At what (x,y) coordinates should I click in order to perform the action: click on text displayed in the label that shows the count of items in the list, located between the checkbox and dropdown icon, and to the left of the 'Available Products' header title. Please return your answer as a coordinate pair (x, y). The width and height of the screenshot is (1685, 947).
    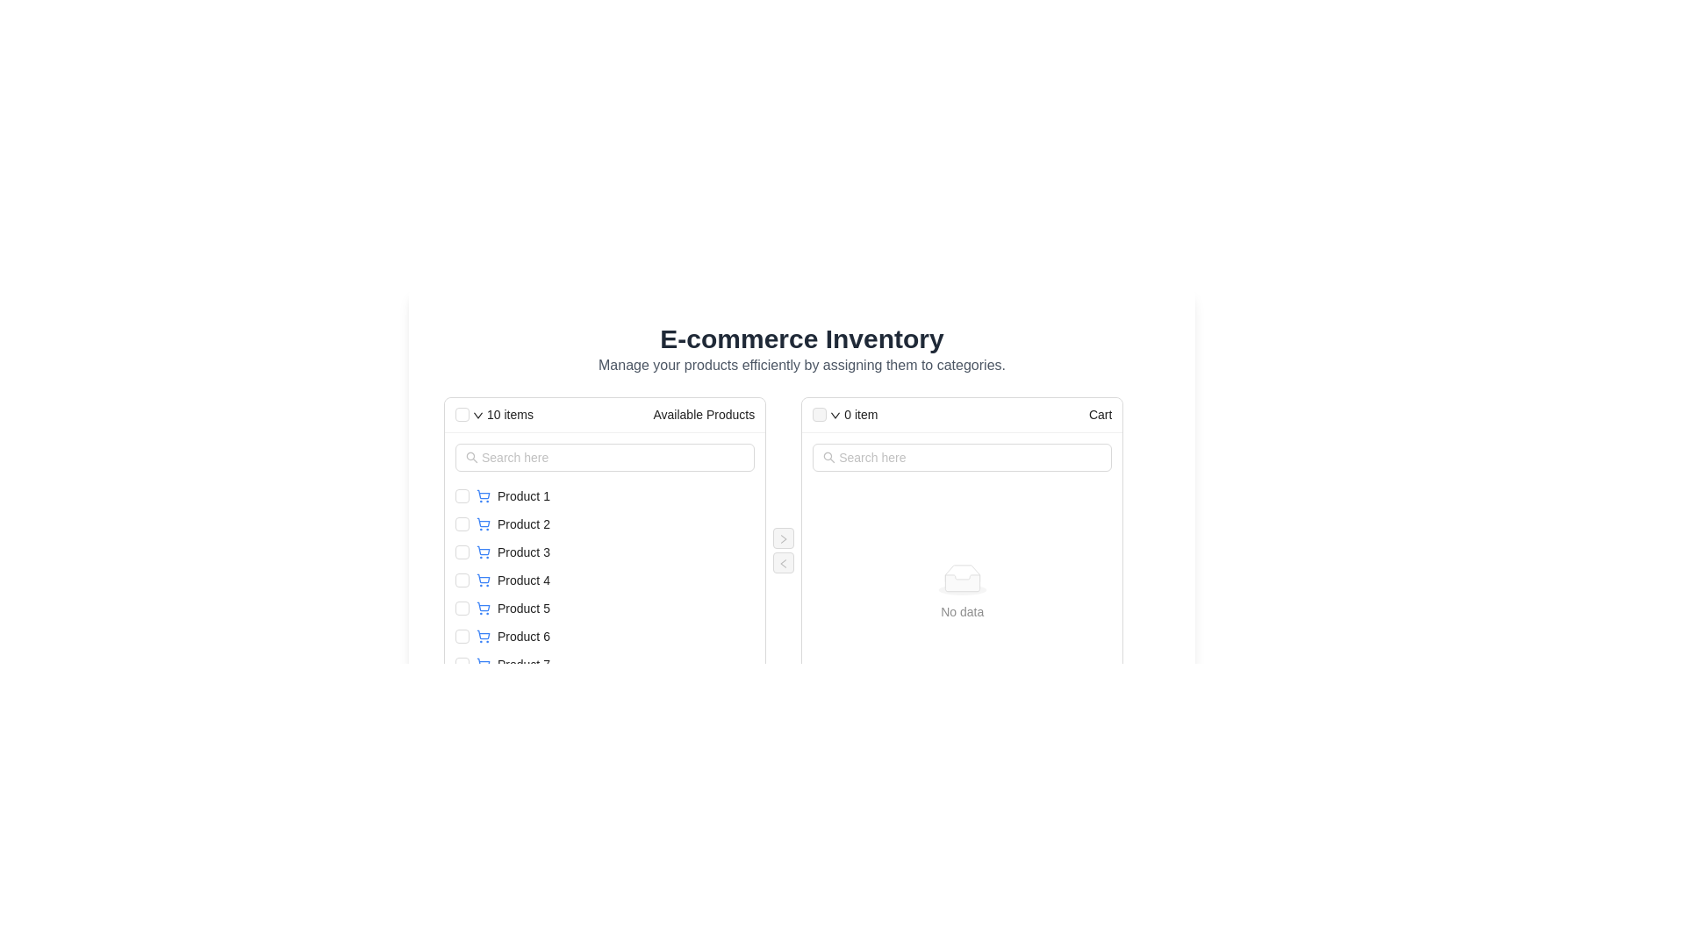
    Looking at the image, I should click on (509, 415).